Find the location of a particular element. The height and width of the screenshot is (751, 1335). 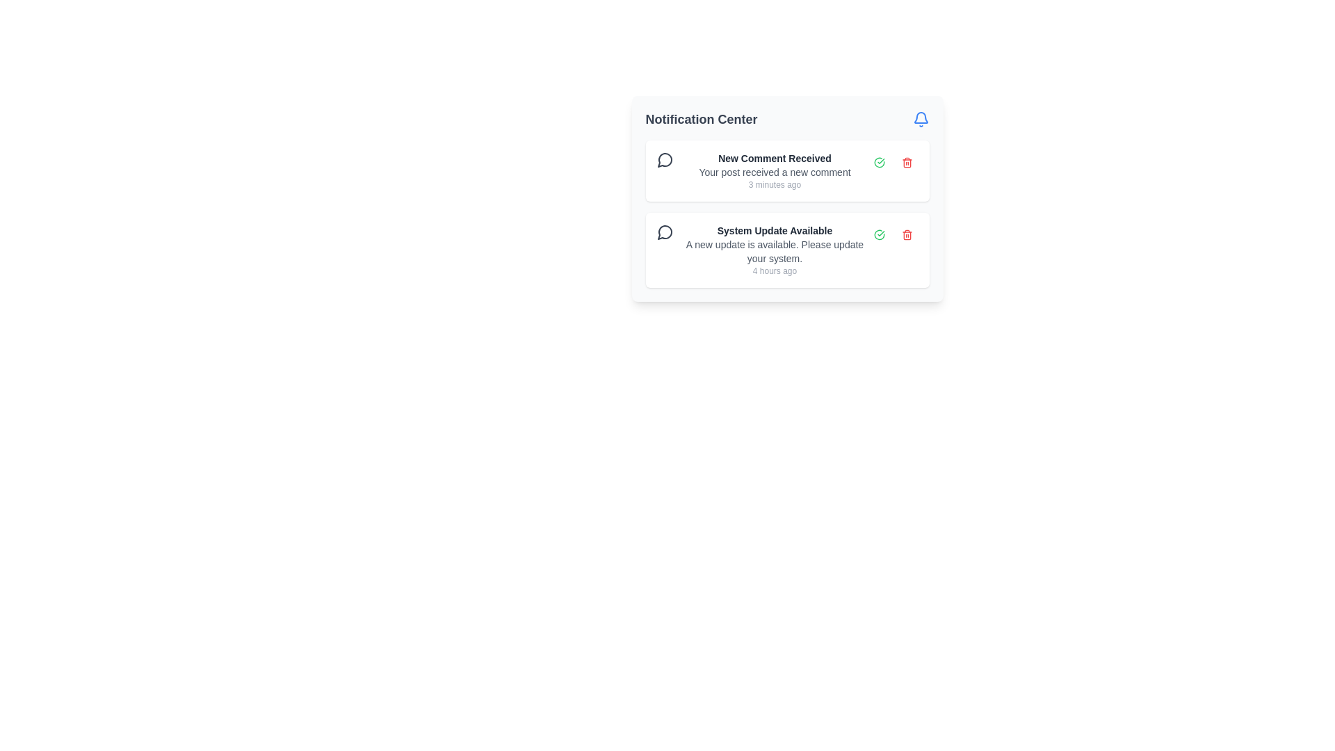

the red trash icon button that deletes the notification for 'System Update Available' is located at coordinates (907, 234).